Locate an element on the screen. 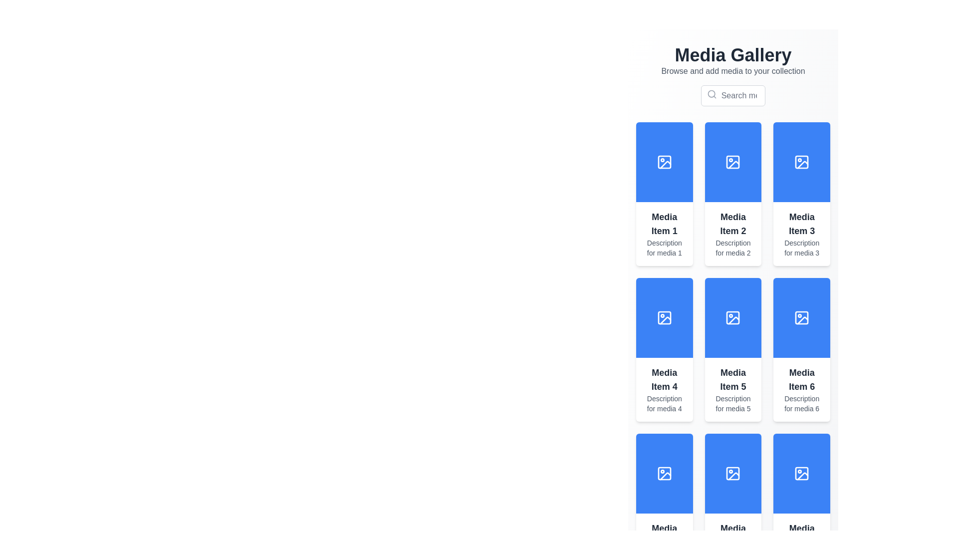 This screenshot has width=958, height=539. the title text element identifying a media item located in the second card of the top row of a grid layout, positioned above the description text and below the image placeholder is located at coordinates (733, 223).